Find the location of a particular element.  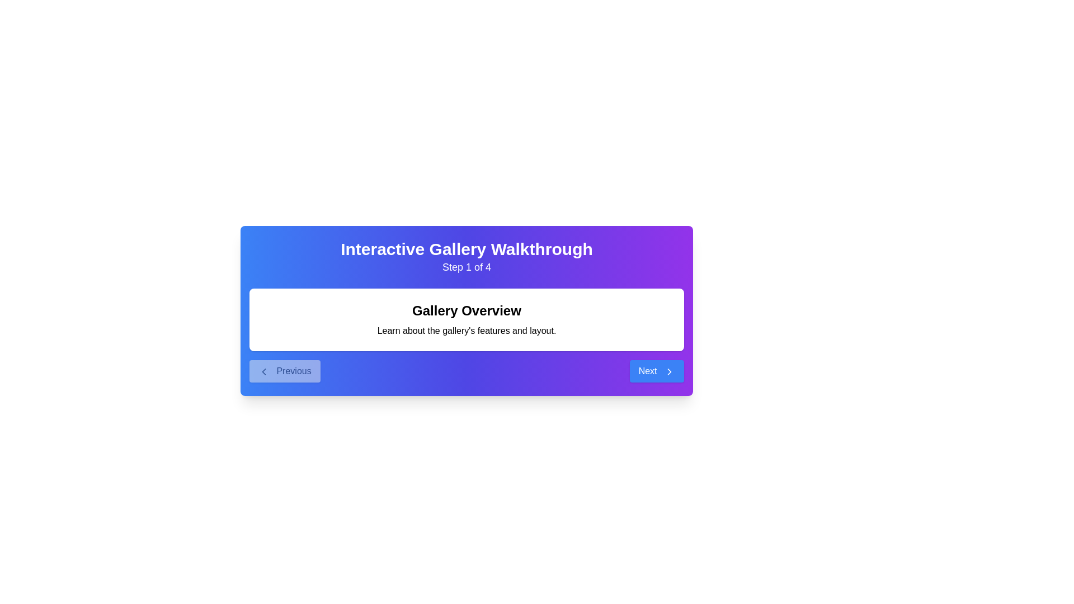

the chevron graphic within the 'Previous' button, which indicates navigation to the previous step or page is located at coordinates (263, 371).